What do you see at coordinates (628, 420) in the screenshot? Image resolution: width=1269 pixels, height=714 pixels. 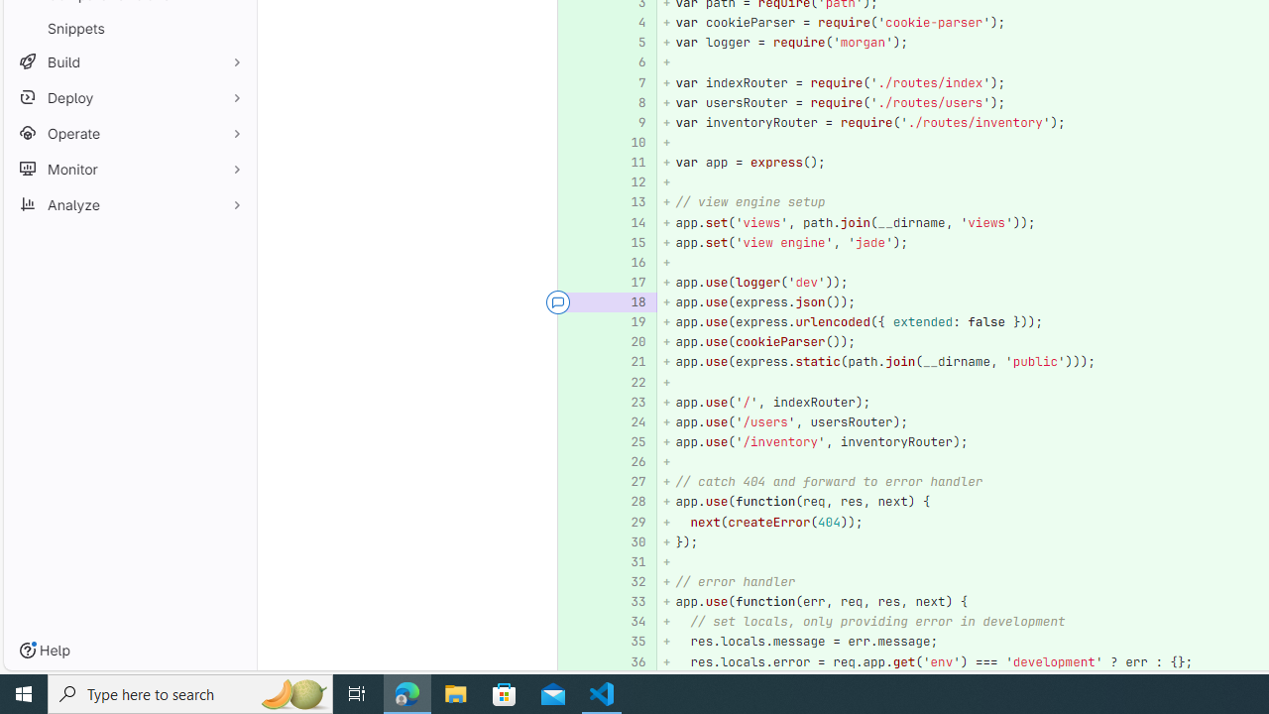 I see `'24'` at bounding box center [628, 420].